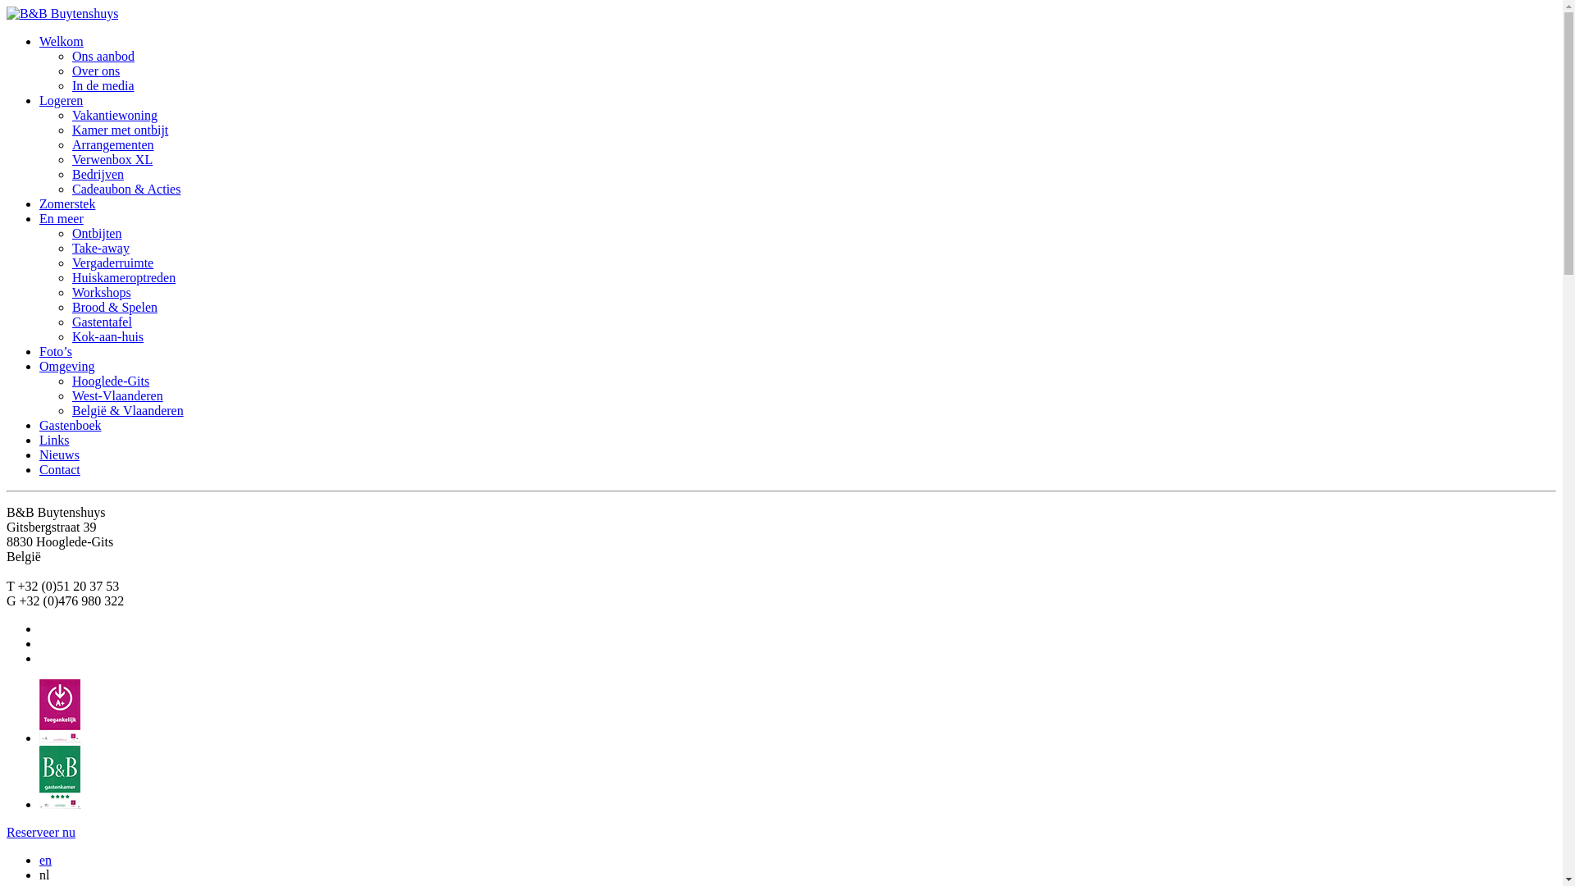 The width and height of the screenshot is (1575, 886). I want to click on 'Kok-aan-huis', so click(107, 336).